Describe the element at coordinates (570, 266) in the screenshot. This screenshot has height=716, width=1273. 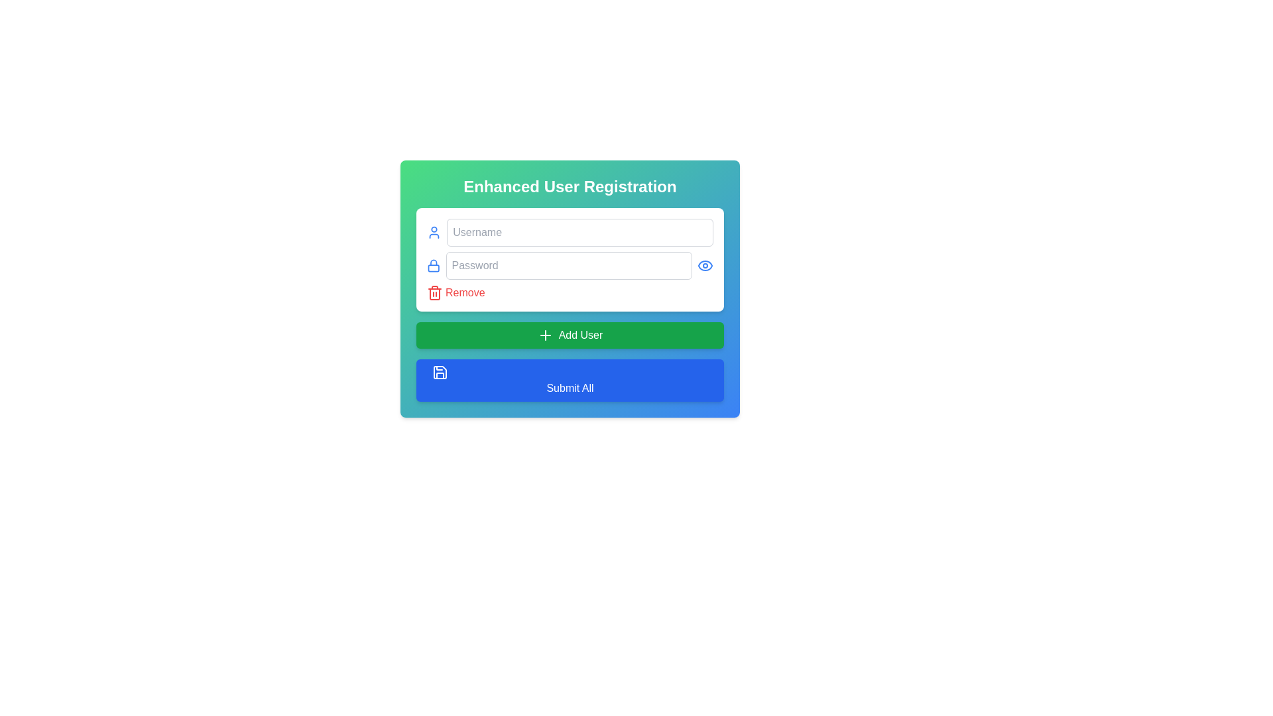
I see `the password input field, which is the second input field in the login interface, styled with rounded corners and bordered with a subtle gray border` at that location.